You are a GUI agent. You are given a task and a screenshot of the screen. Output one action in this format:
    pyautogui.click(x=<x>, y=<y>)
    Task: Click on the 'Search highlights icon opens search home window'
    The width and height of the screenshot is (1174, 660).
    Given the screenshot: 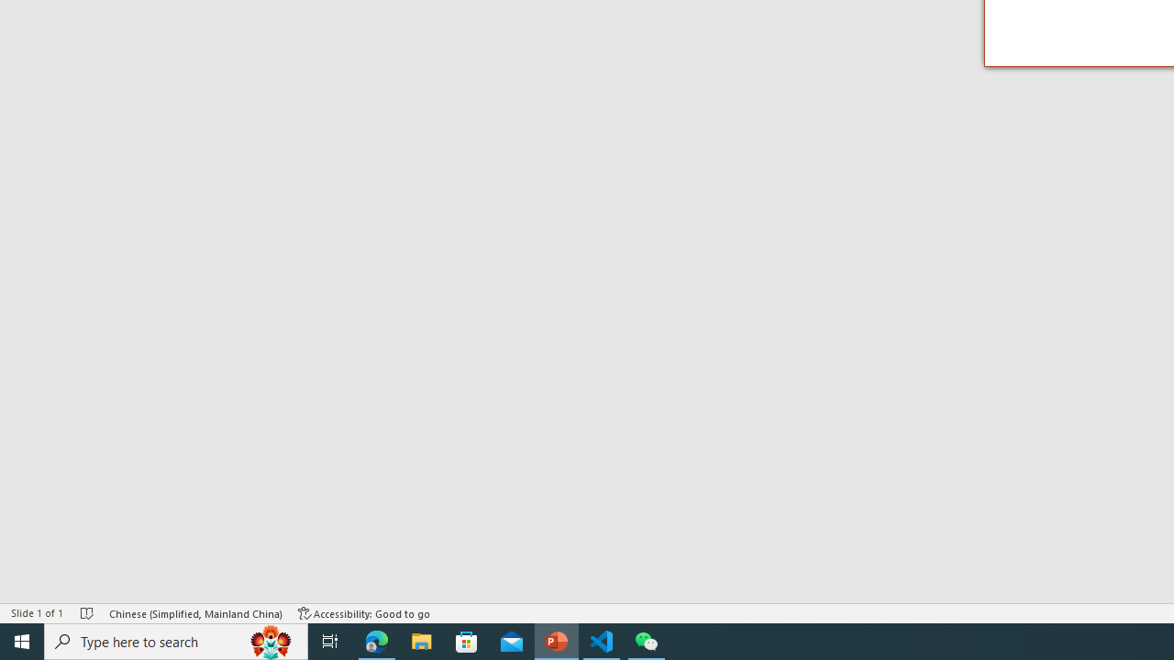 What is the action you would take?
    pyautogui.click(x=270, y=640)
    